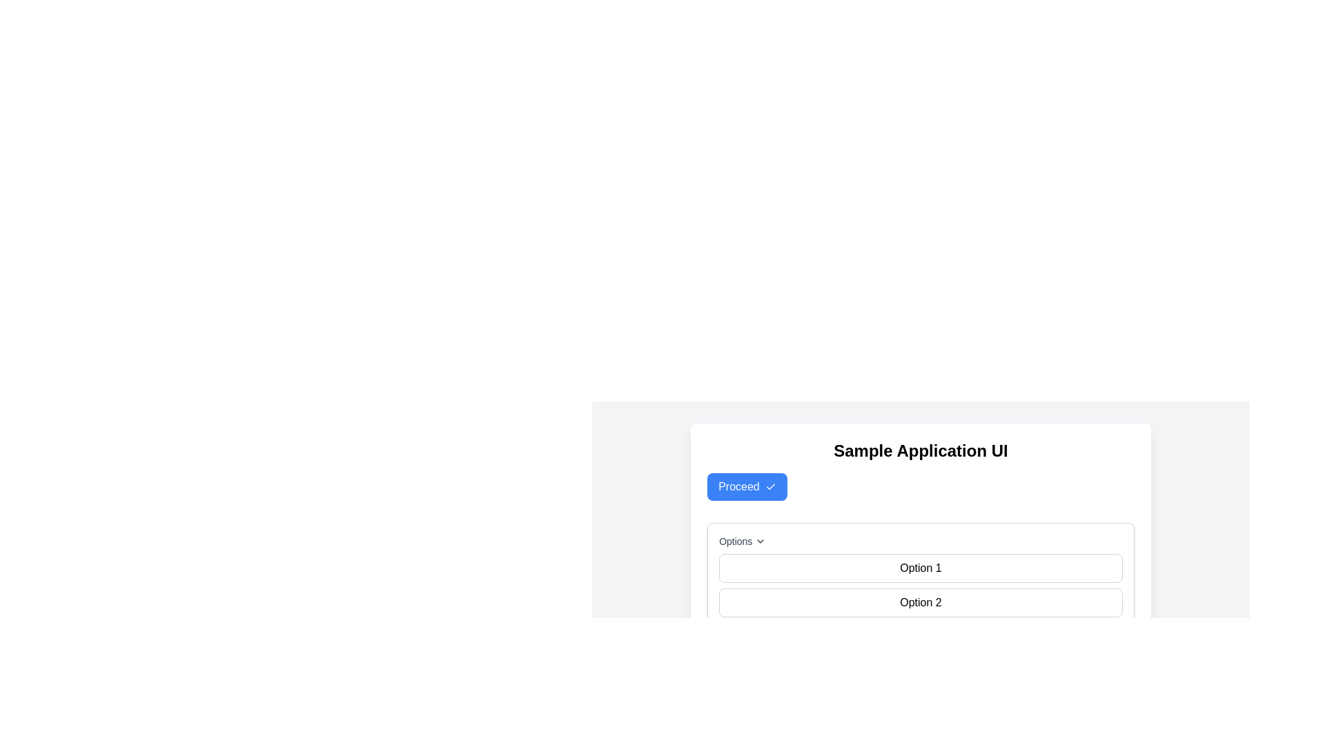 The image size is (1325, 745). I want to click on the check mark icon that signifies confirmation, located towards the right side of the 'Proceed' button near the top-left portion of the main content area, so click(769, 486).